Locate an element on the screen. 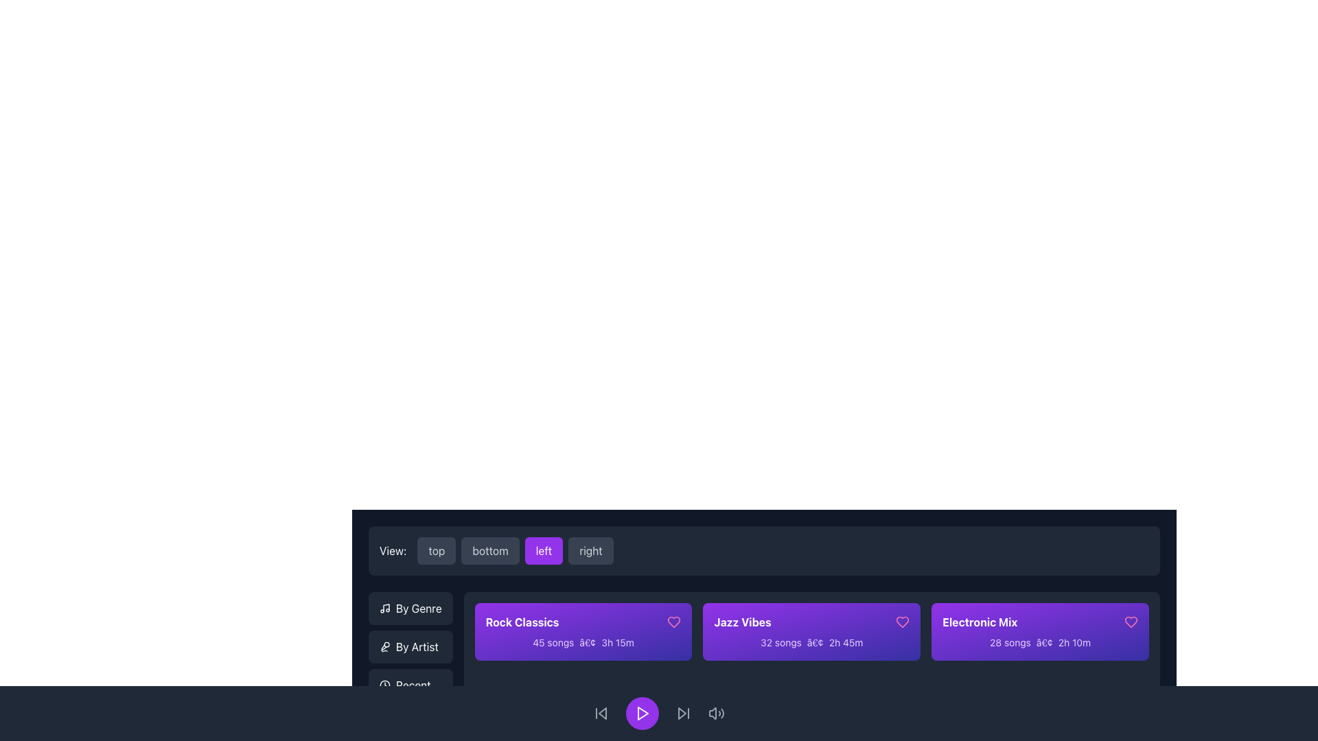 The image size is (1318, 741). the text label displaying '2h 10m', which is styled in light purple on a dark purple background, located in the details section of the 'Electronic Mix' playlist is located at coordinates (1074, 642).